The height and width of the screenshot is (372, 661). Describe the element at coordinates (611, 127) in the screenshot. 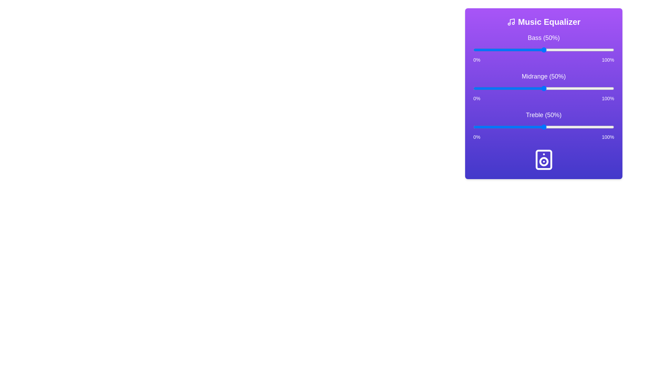

I see `the treble slider to 98%` at that location.